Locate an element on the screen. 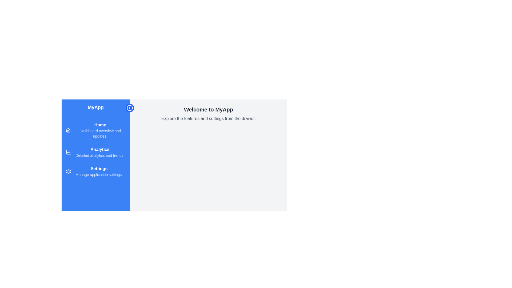 The image size is (512, 288). the menu item Settings to view its hover effect is located at coordinates (96, 171).